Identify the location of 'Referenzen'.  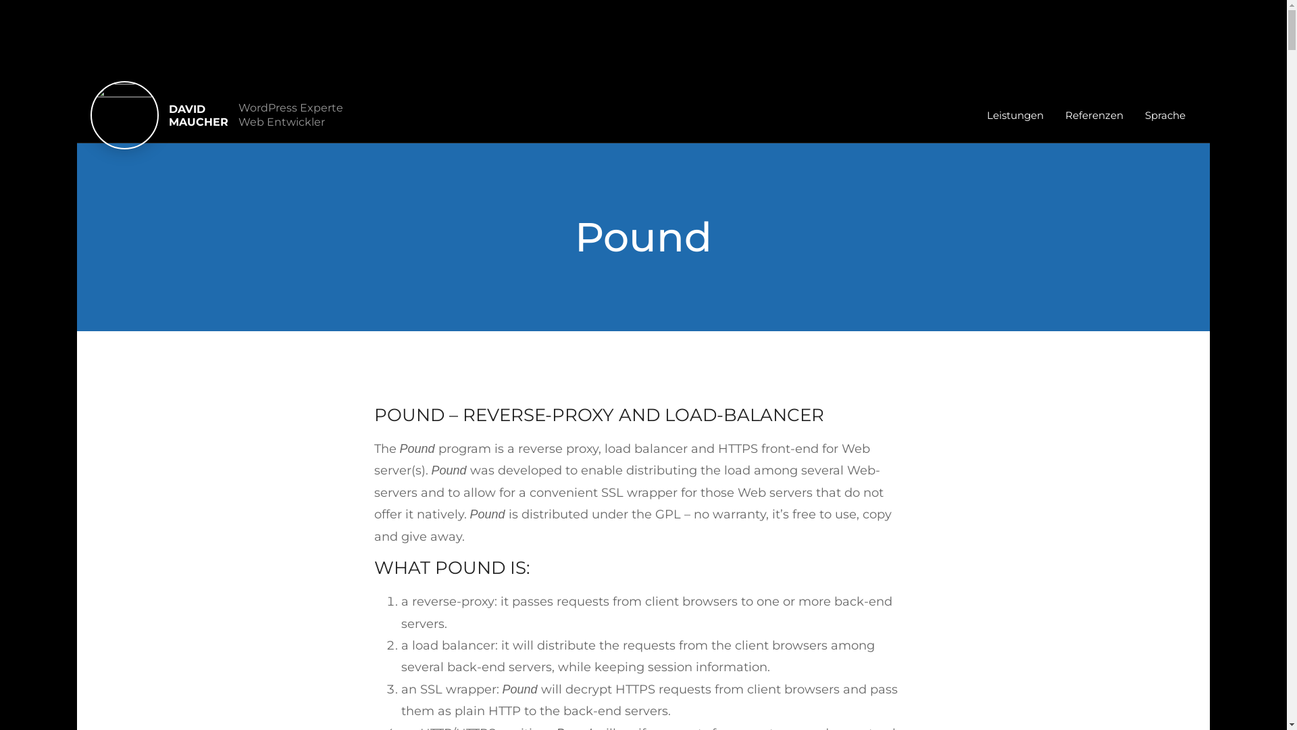
(1094, 114).